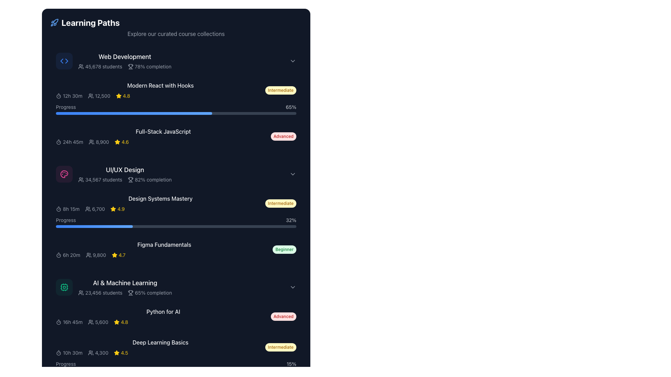 This screenshot has height=377, width=671. I want to click on text label displaying the number of participants or viewers, which is the second item in a horizontal layout after a time indicator and before a rating indicator, so click(99, 96).